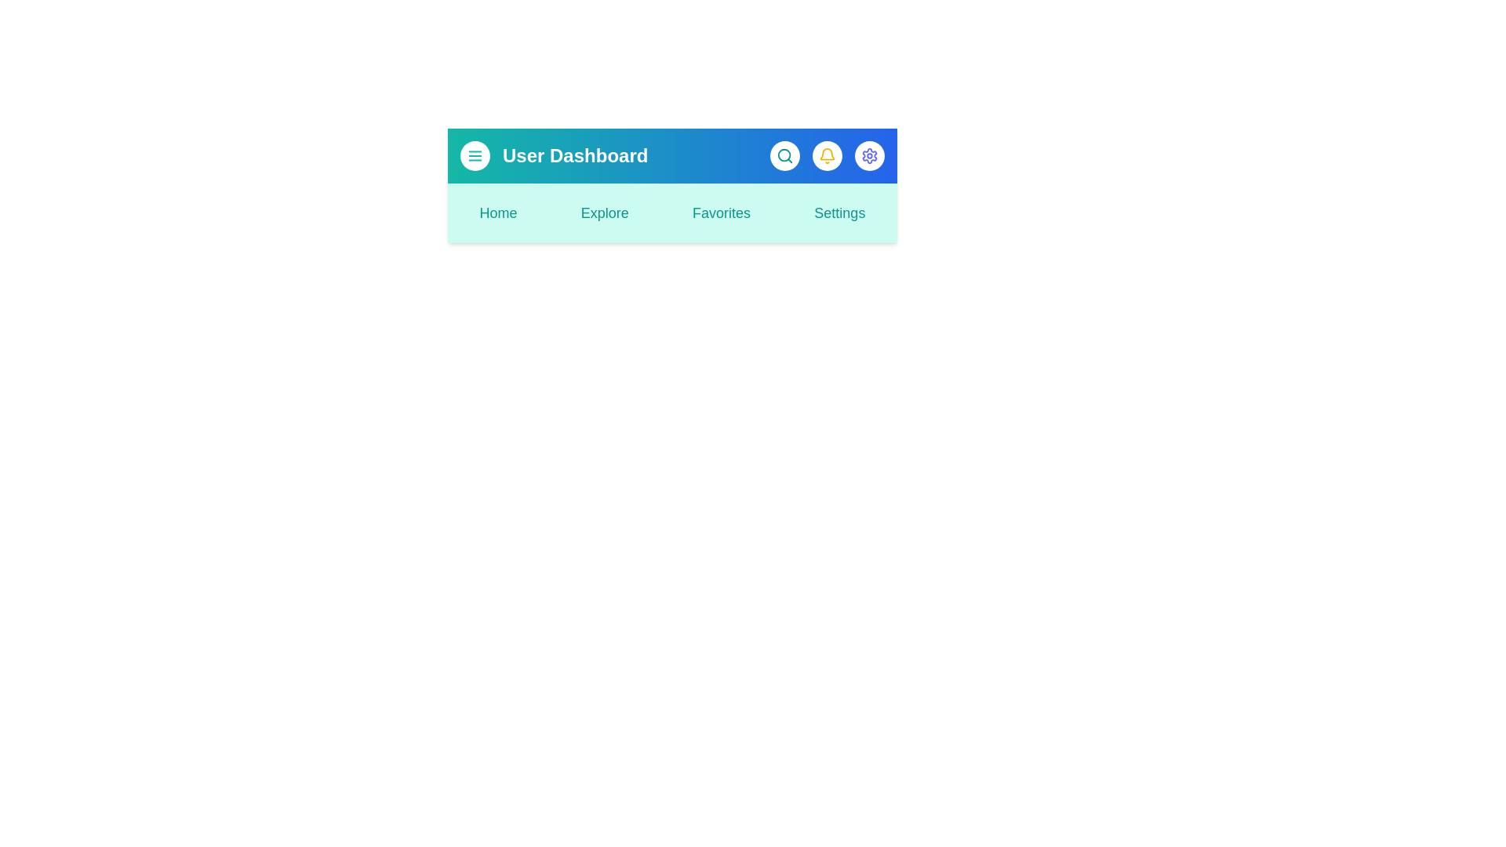 This screenshot has height=847, width=1506. What do you see at coordinates (827, 156) in the screenshot?
I see `the bell button to access notifications` at bounding box center [827, 156].